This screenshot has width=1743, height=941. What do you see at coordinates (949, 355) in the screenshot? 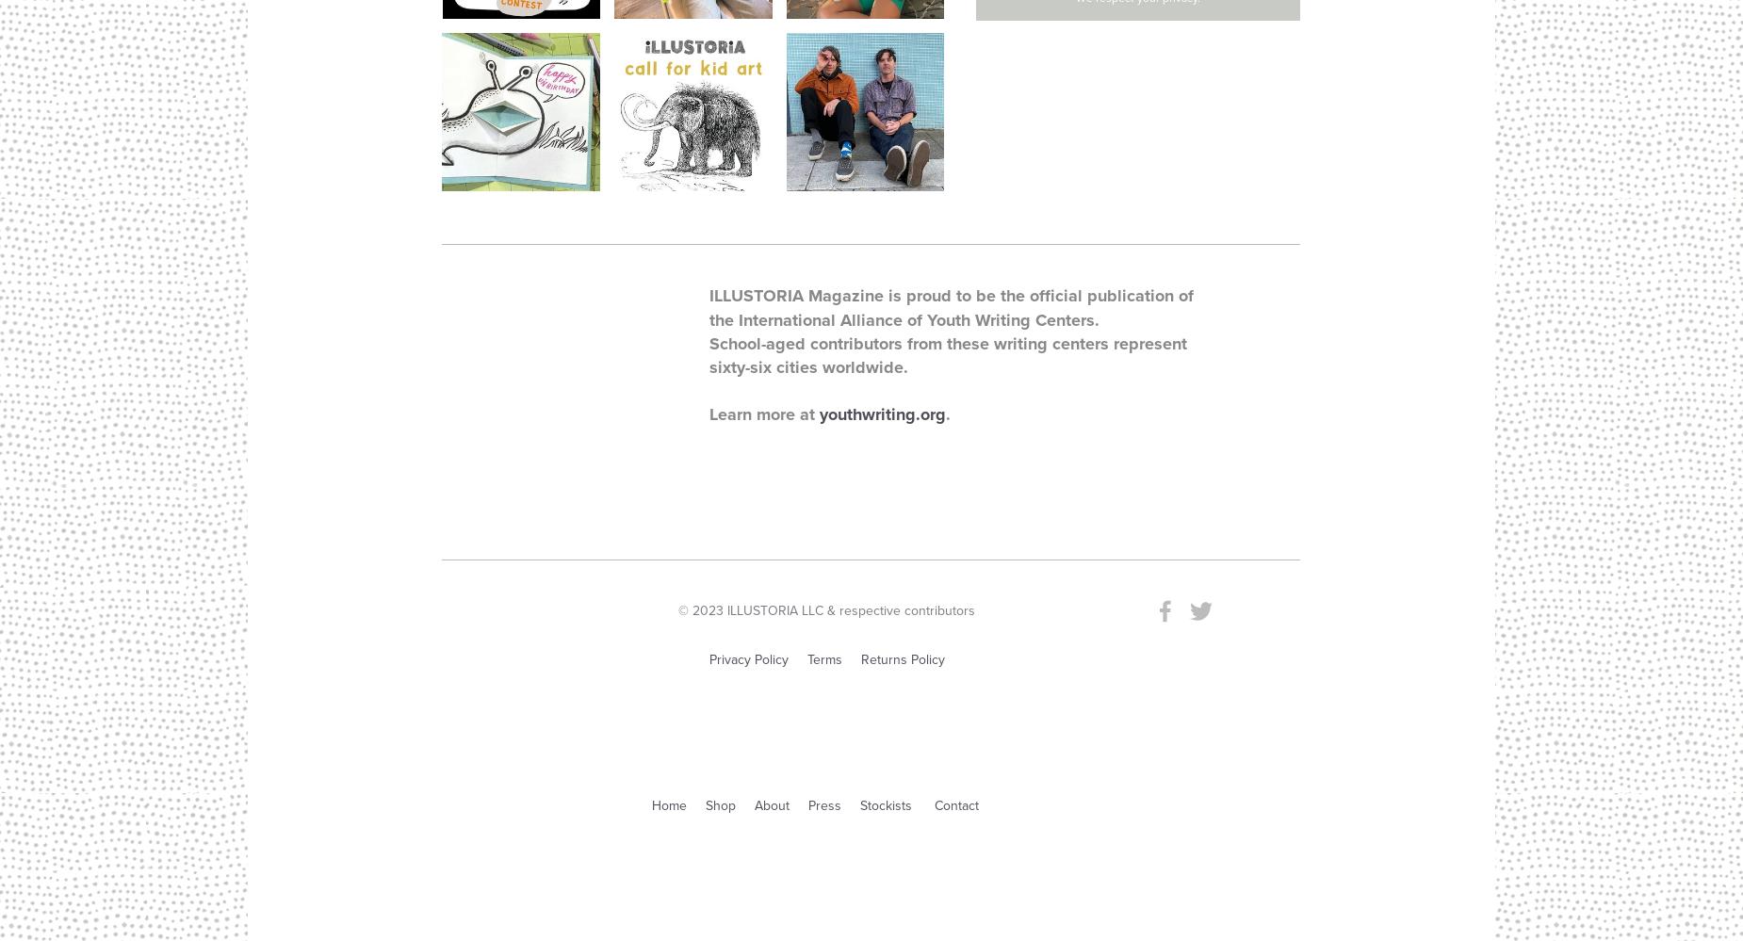
I see `'School-aged contributors from these writing centers represent sixty-six cities worldwide.'` at bounding box center [949, 355].